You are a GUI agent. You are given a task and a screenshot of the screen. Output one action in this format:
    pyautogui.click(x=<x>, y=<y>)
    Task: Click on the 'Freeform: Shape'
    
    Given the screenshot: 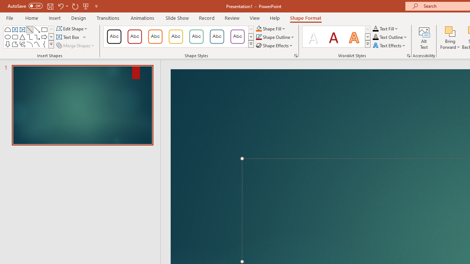 What is the action you would take?
    pyautogui.click(x=15, y=44)
    